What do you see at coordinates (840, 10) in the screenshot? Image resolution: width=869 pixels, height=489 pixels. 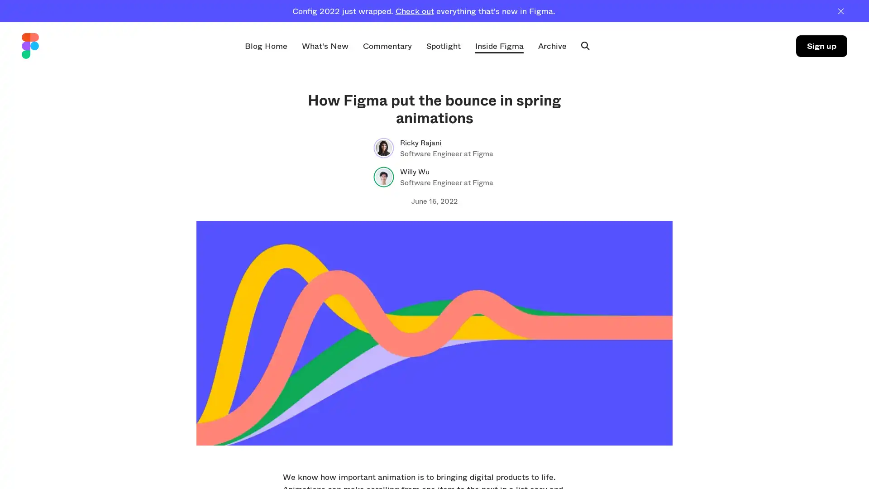 I see `Dismiss` at bounding box center [840, 10].